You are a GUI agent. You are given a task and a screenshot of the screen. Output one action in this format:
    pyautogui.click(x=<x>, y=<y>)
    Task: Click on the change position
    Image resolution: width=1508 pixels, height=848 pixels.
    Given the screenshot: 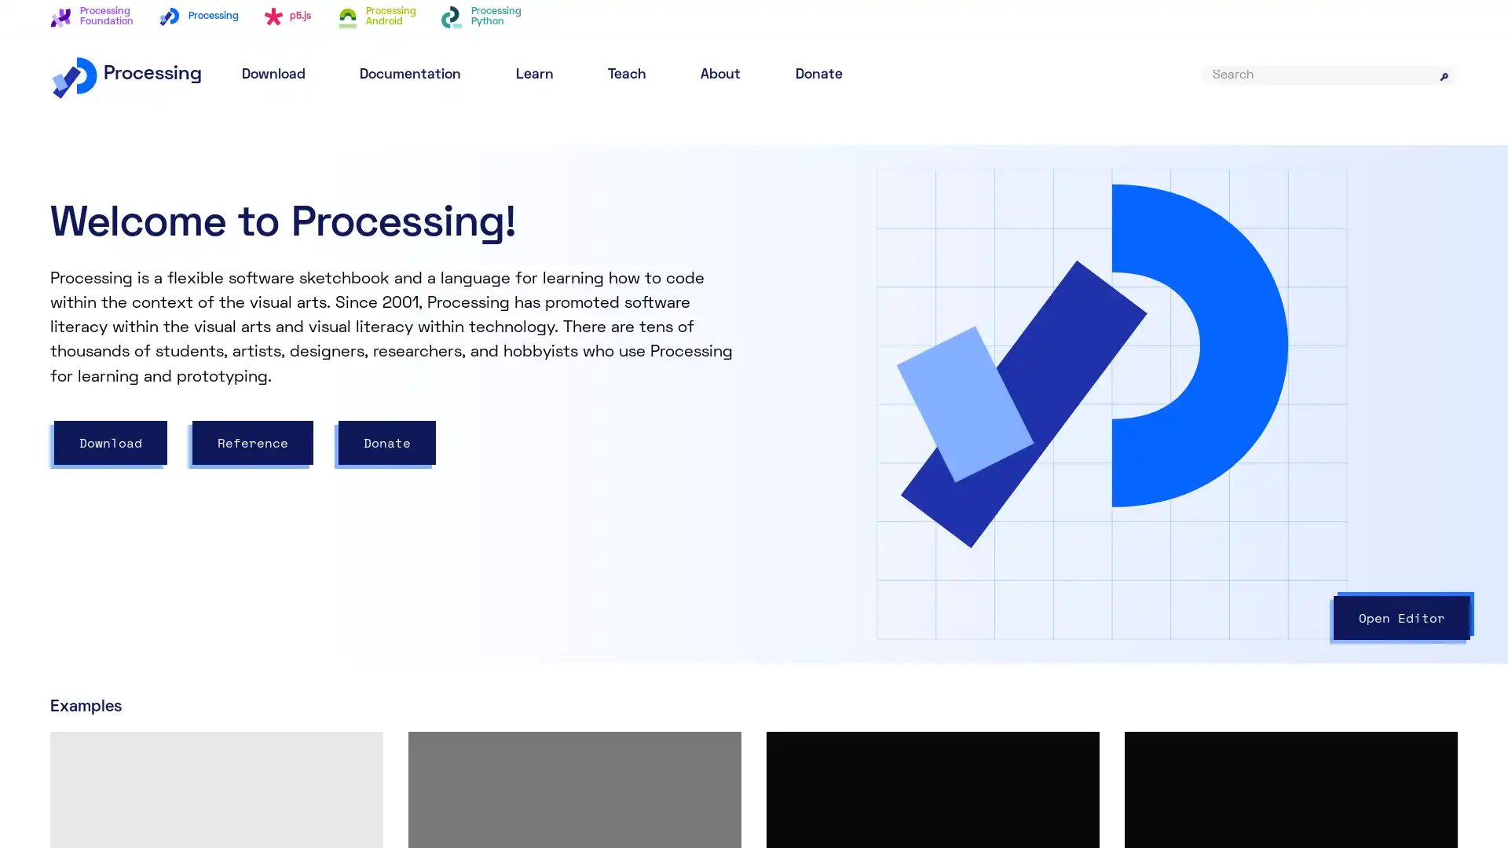 What is the action you would take?
    pyautogui.click(x=888, y=484)
    